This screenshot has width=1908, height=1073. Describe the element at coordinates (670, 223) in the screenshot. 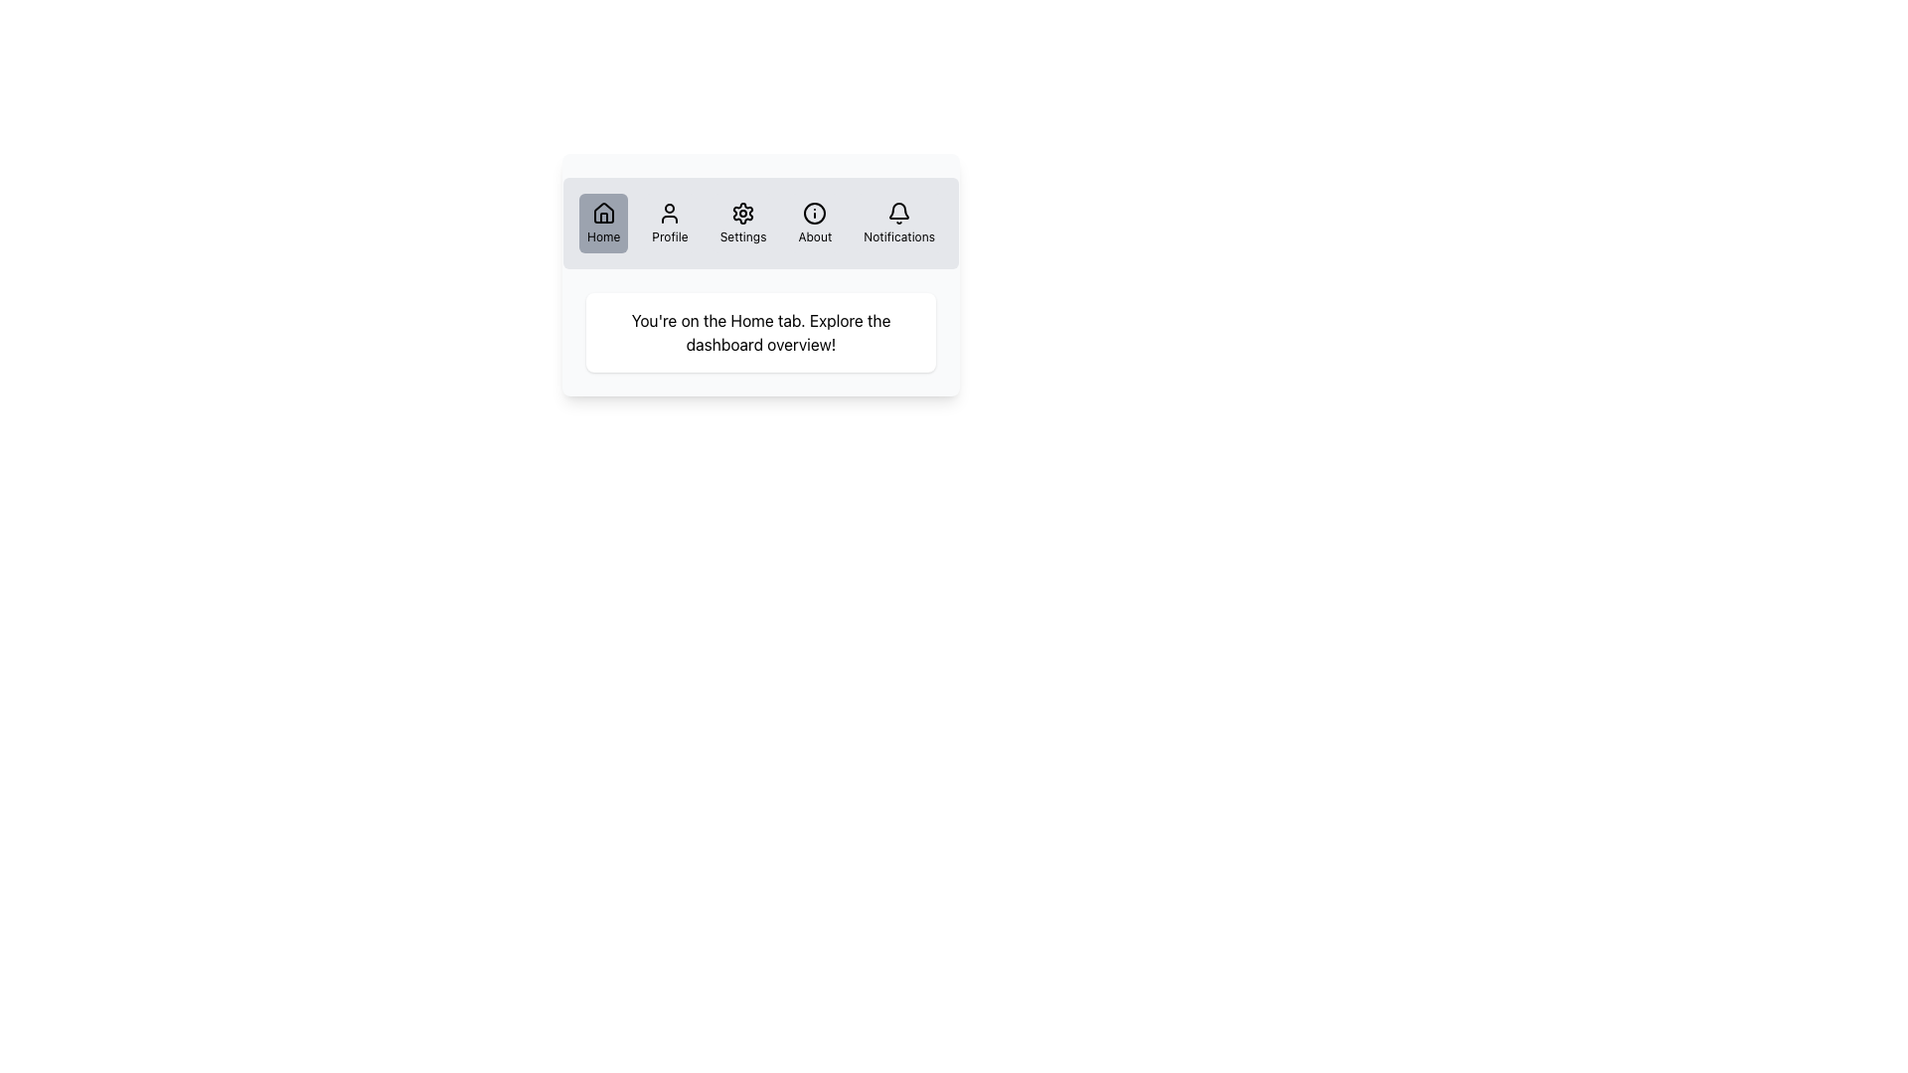

I see `the 'Profile' button, which features a human figure icon and the text 'Profile' below it, located in the horizontal navigation menu of the toolbar` at that location.